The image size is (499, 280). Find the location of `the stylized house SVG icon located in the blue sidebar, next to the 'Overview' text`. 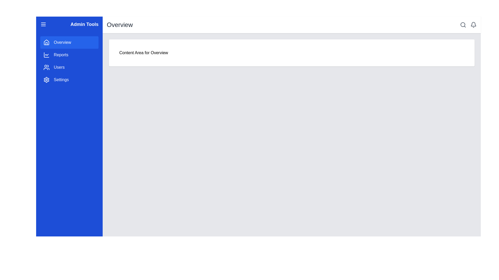

the stylized house SVG icon located in the blue sidebar, next to the 'Overview' text is located at coordinates (46, 42).